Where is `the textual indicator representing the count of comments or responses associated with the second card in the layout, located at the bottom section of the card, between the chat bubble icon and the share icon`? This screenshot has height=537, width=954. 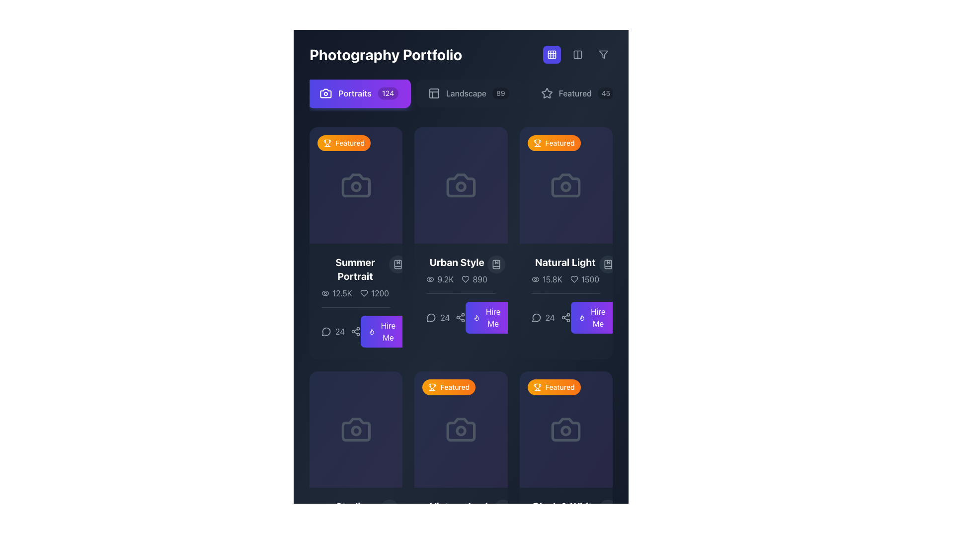 the textual indicator representing the count of comments or responses associated with the second card in the layout, located at the bottom section of the card, between the chat bubble icon and the share icon is located at coordinates (444, 318).